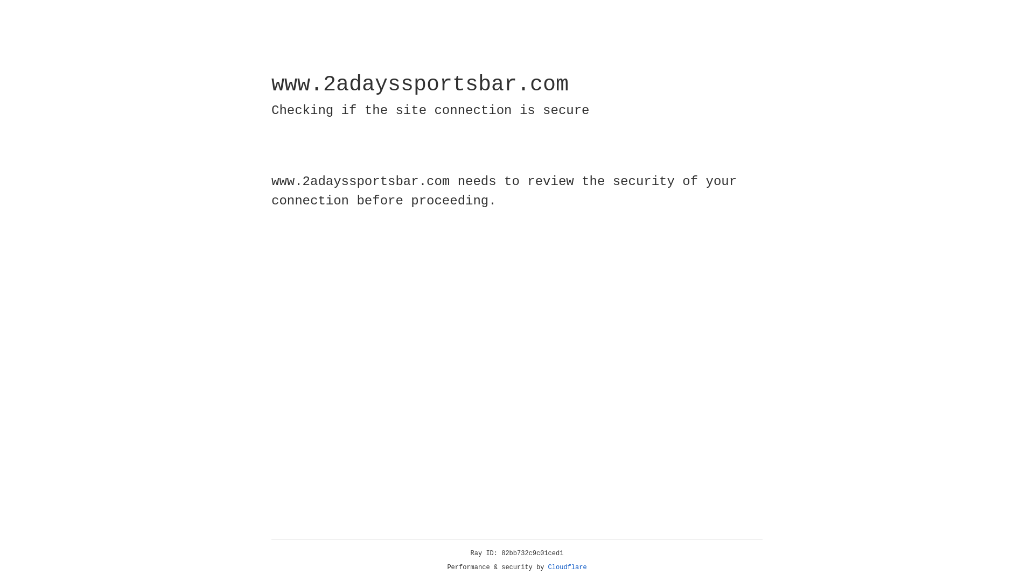  I want to click on 'Cloudflare', so click(567, 567).